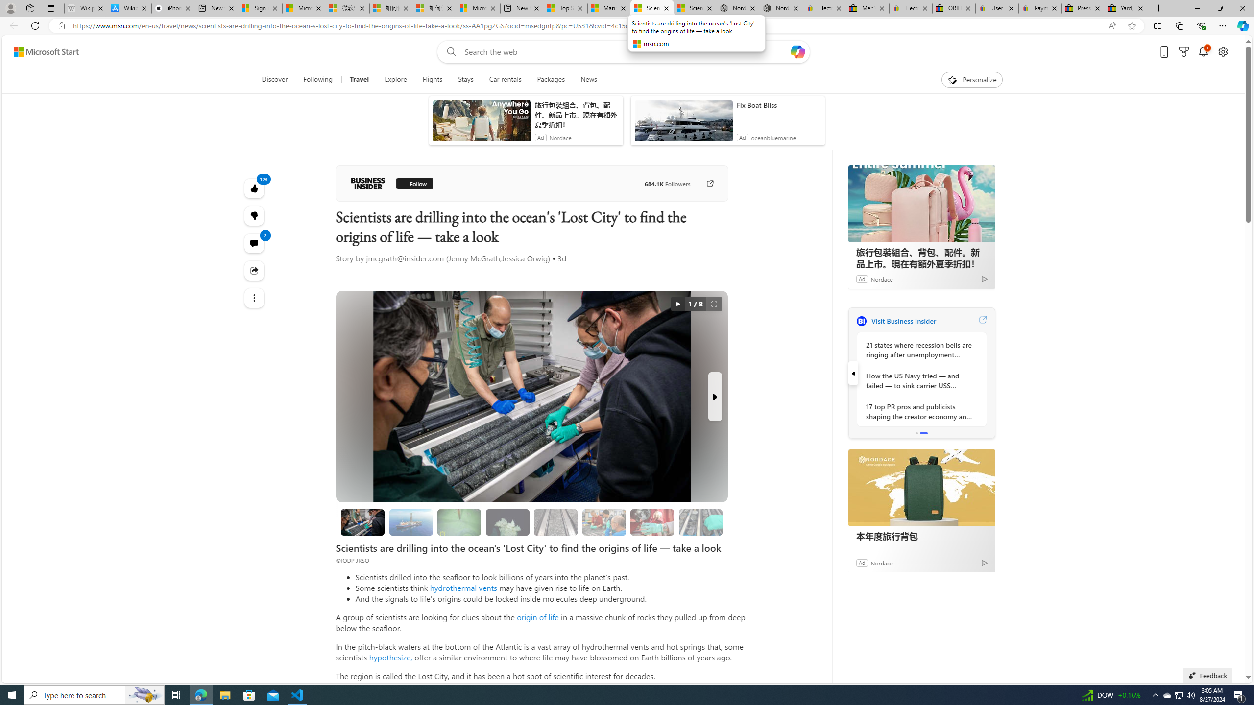 This screenshot has width=1254, height=705. I want to click on 'Yard, Garden & Outdoor Living', so click(1126, 8).